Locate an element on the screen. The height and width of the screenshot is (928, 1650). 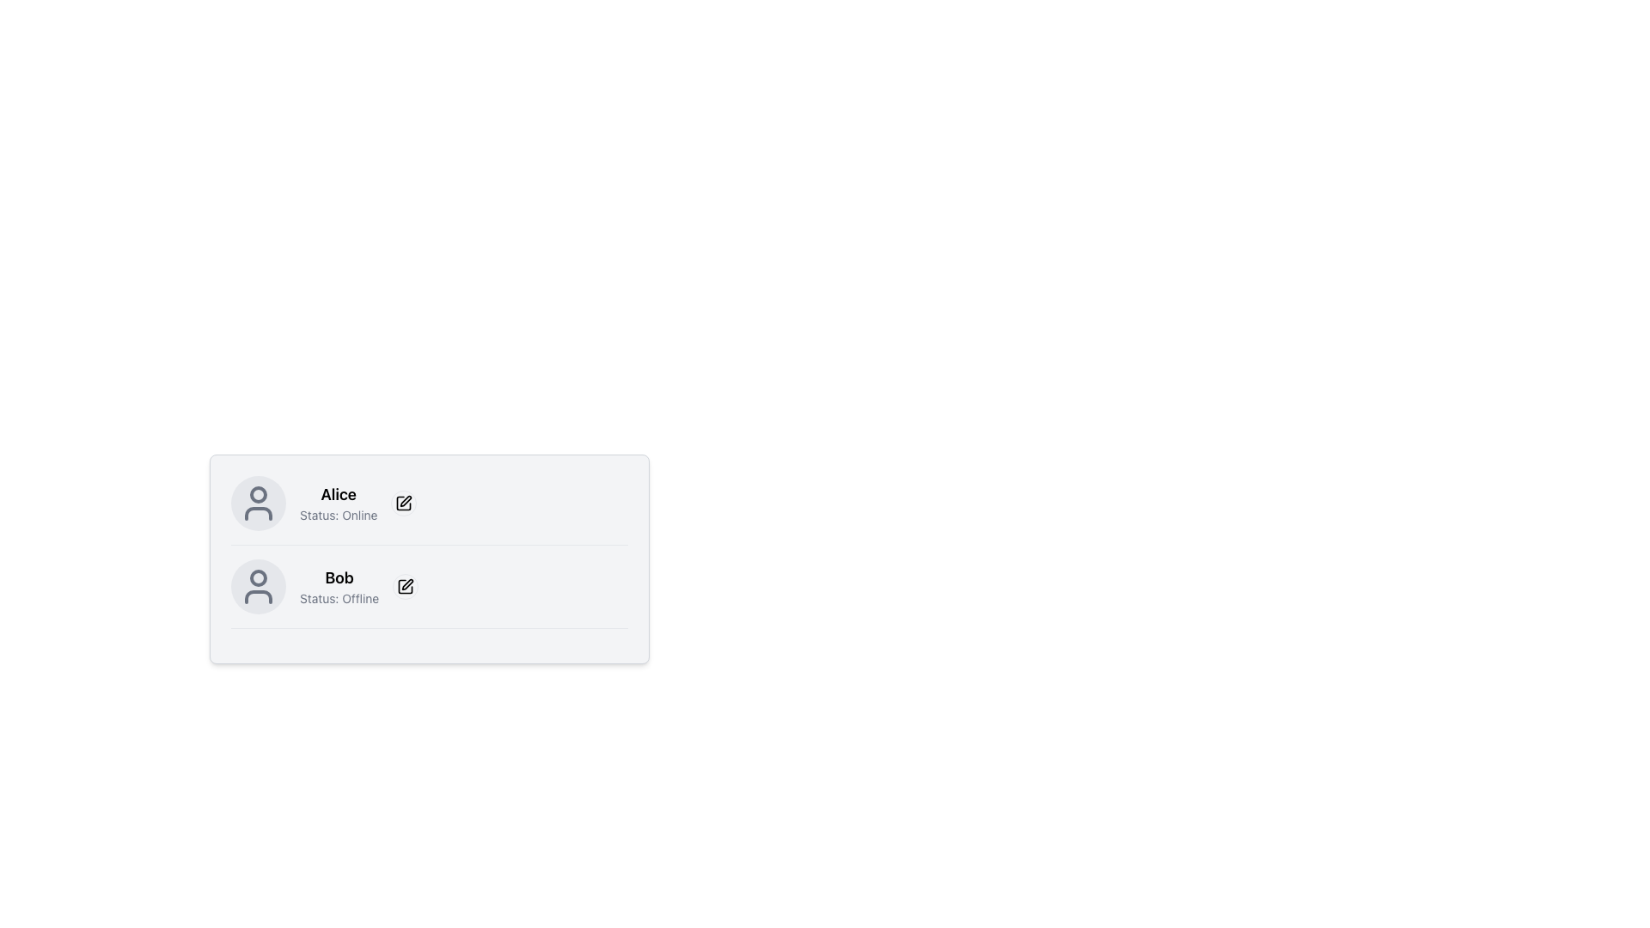
the Graphical Icon indicating the editing option related to 'Bob' by focusing on its position next to the name 'Bob' in the user details list is located at coordinates (405, 585).